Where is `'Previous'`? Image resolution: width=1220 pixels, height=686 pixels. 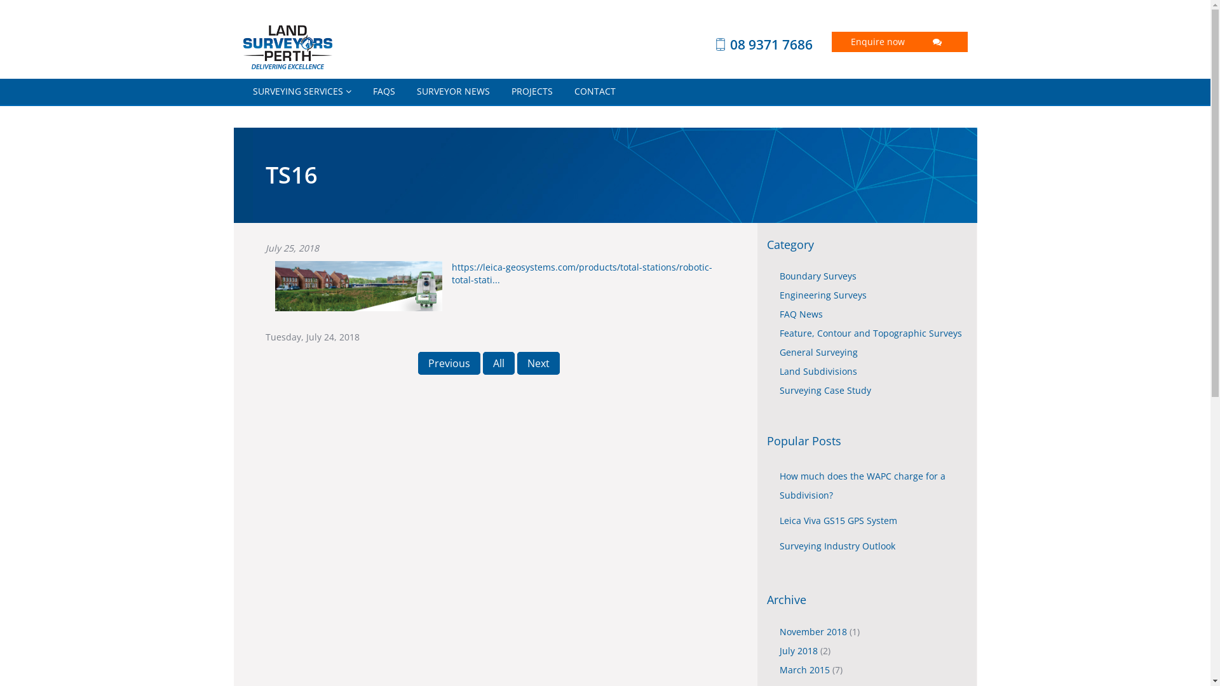 'Previous' is located at coordinates (449, 363).